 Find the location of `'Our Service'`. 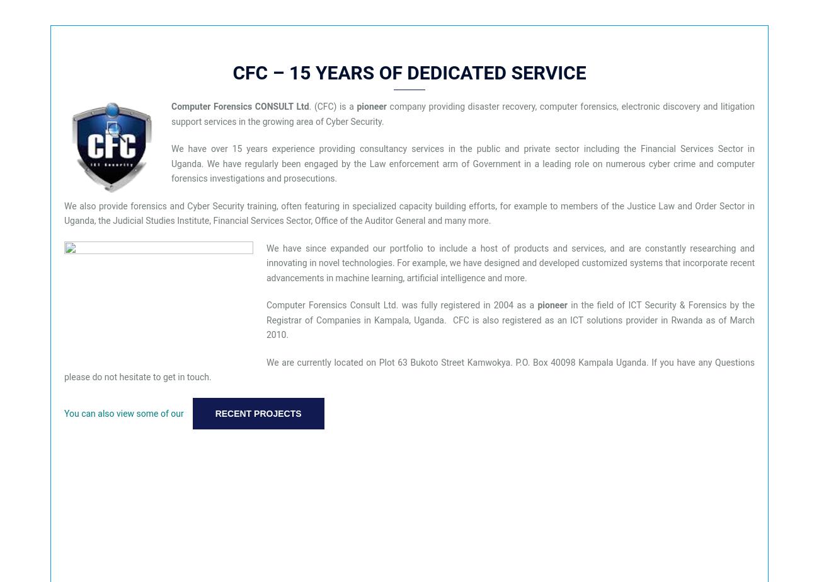

'Our Service' is located at coordinates (631, 70).